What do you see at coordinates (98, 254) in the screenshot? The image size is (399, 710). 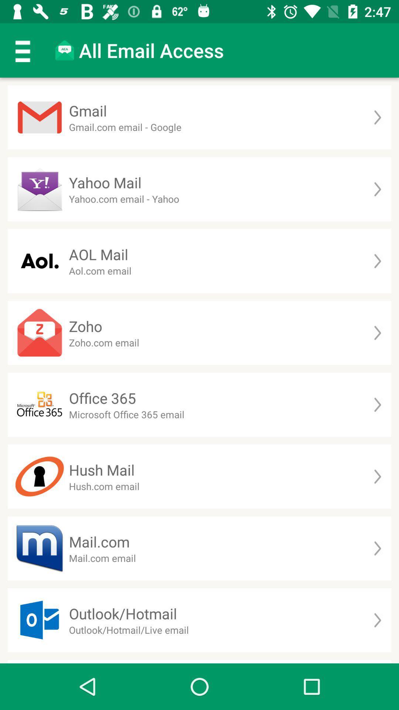 I see `item above aol.com email item` at bounding box center [98, 254].